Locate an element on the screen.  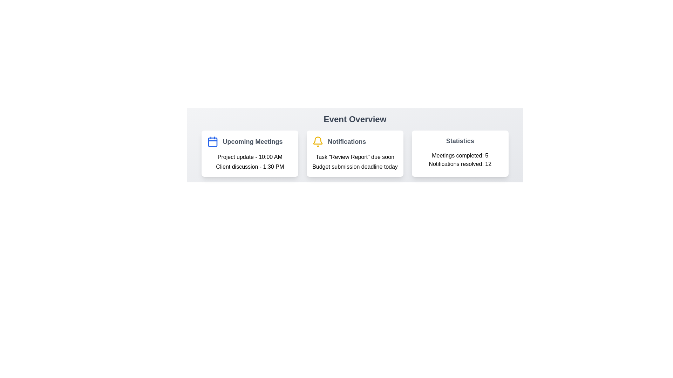
informational text notifying the user about the budget submission deadline located in the notification card under the header 'Event Overview', specifically the second line of text below 'Task "Review Report" due soon' is located at coordinates (355, 167).